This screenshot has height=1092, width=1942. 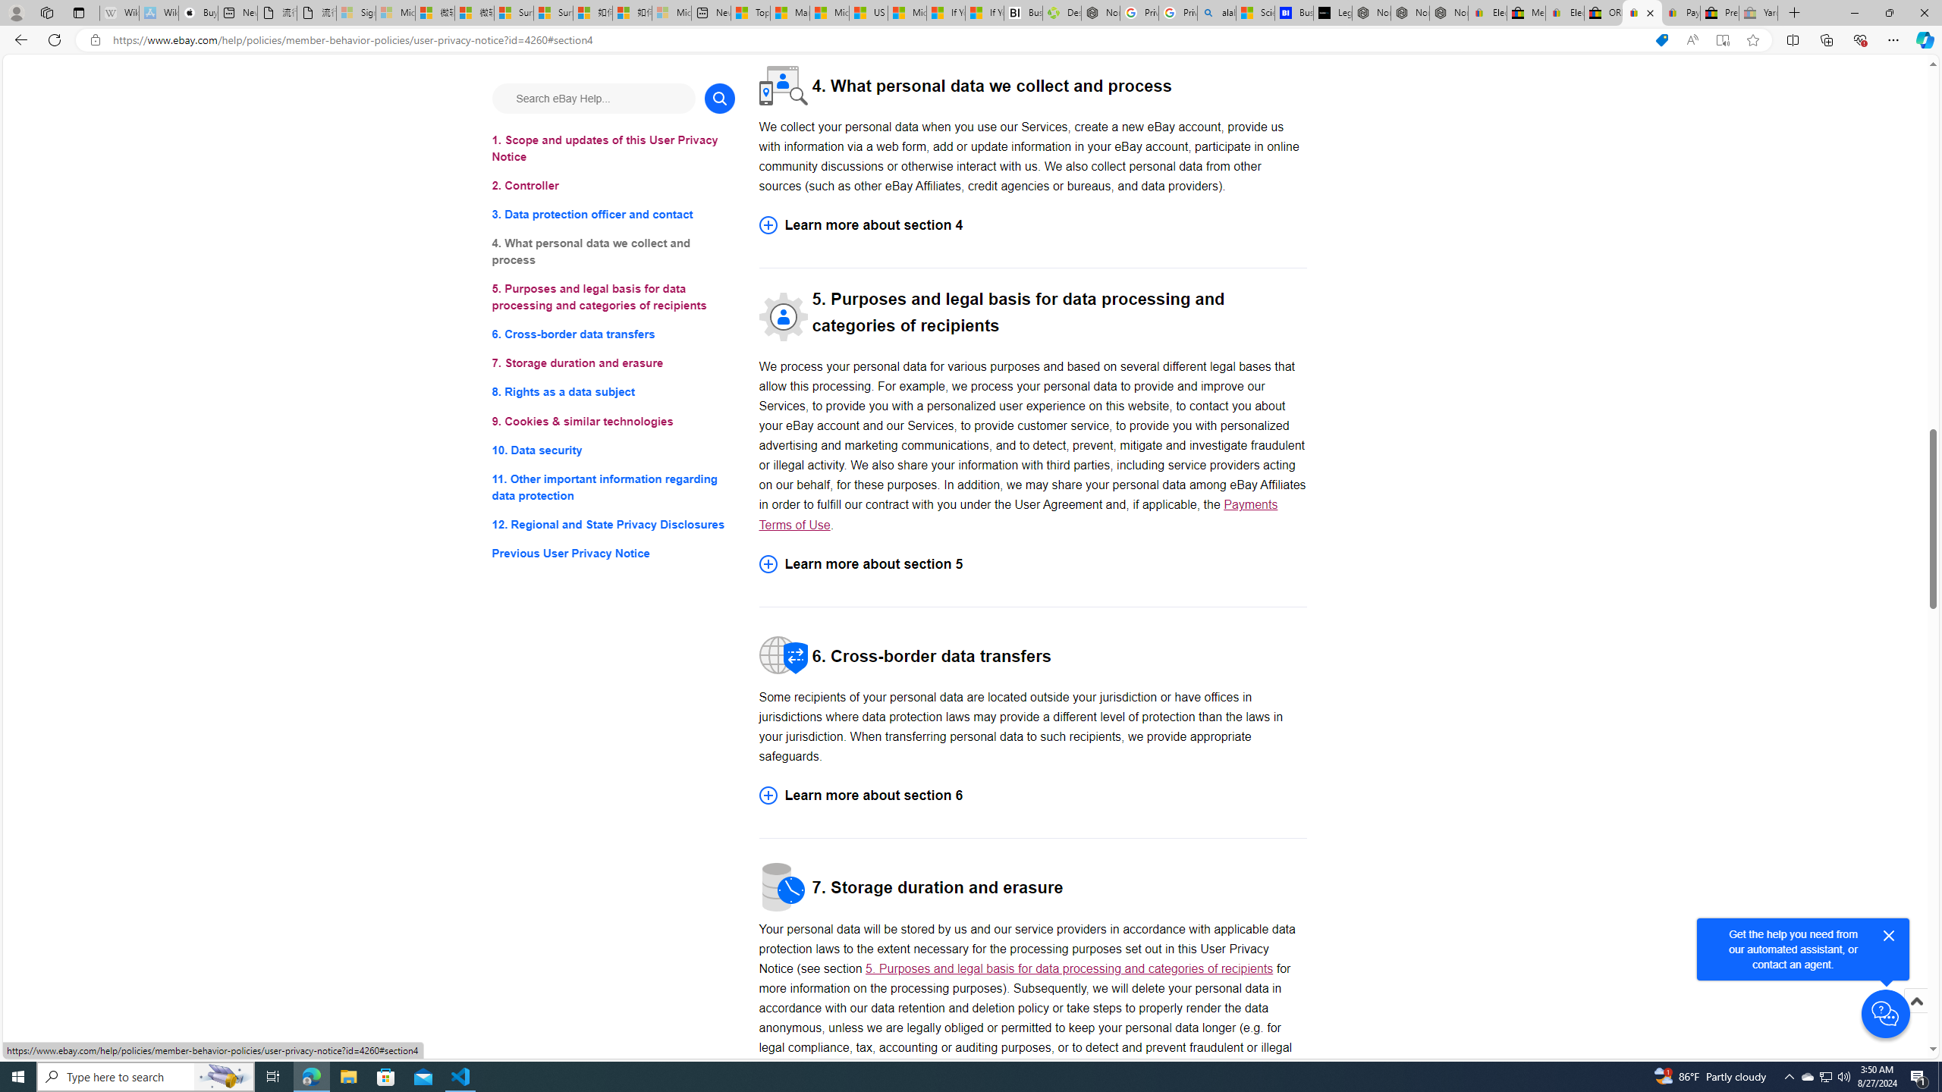 I want to click on '11. Other important information regarding data protection', so click(x=612, y=487).